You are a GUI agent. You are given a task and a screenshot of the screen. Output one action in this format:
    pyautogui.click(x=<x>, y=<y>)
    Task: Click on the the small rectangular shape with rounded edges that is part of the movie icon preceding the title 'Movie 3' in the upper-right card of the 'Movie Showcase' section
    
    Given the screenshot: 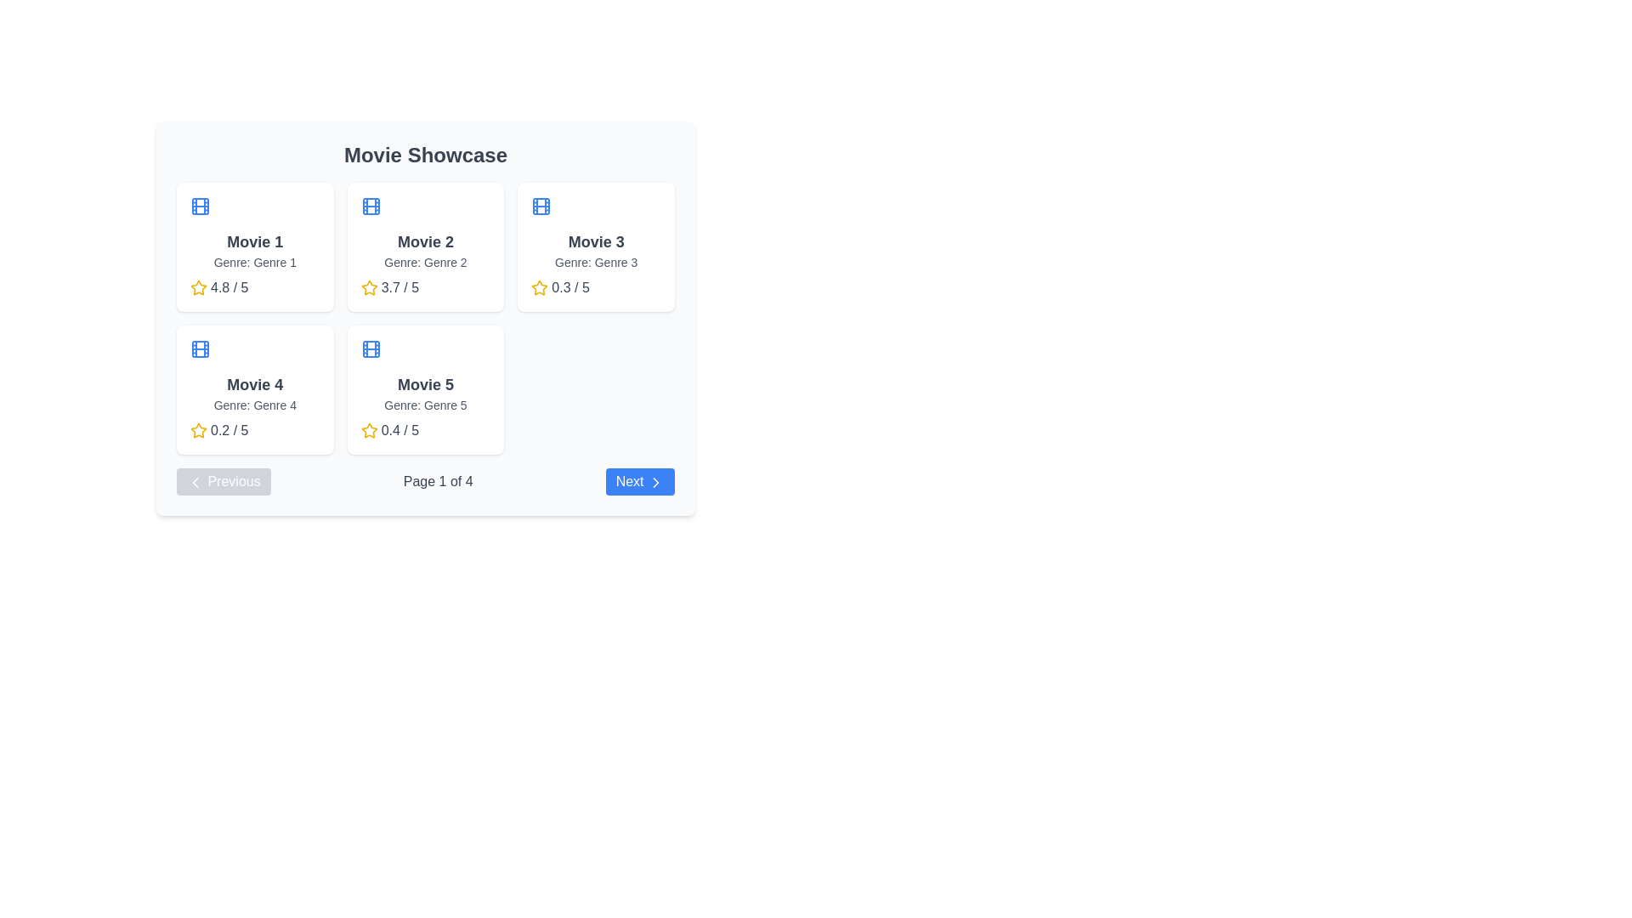 What is the action you would take?
    pyautogui.click(x=541, y=206)
    